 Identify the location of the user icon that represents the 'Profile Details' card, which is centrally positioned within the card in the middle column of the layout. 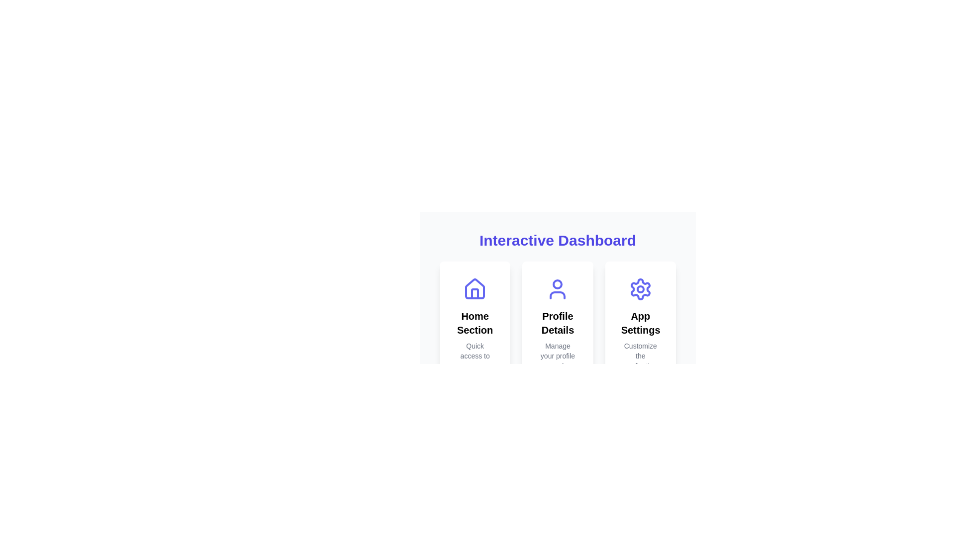
(558, 289).